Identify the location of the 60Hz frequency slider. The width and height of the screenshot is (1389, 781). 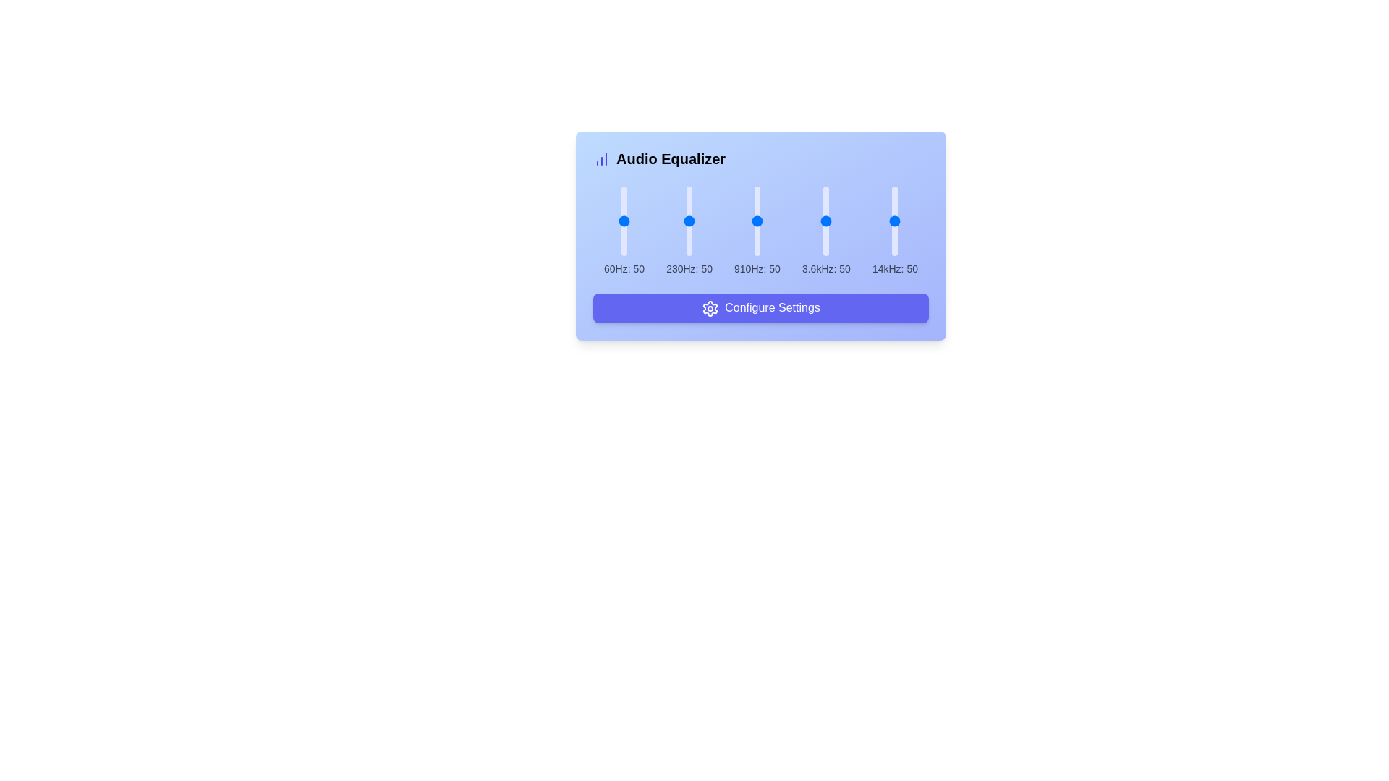
(624, 212).